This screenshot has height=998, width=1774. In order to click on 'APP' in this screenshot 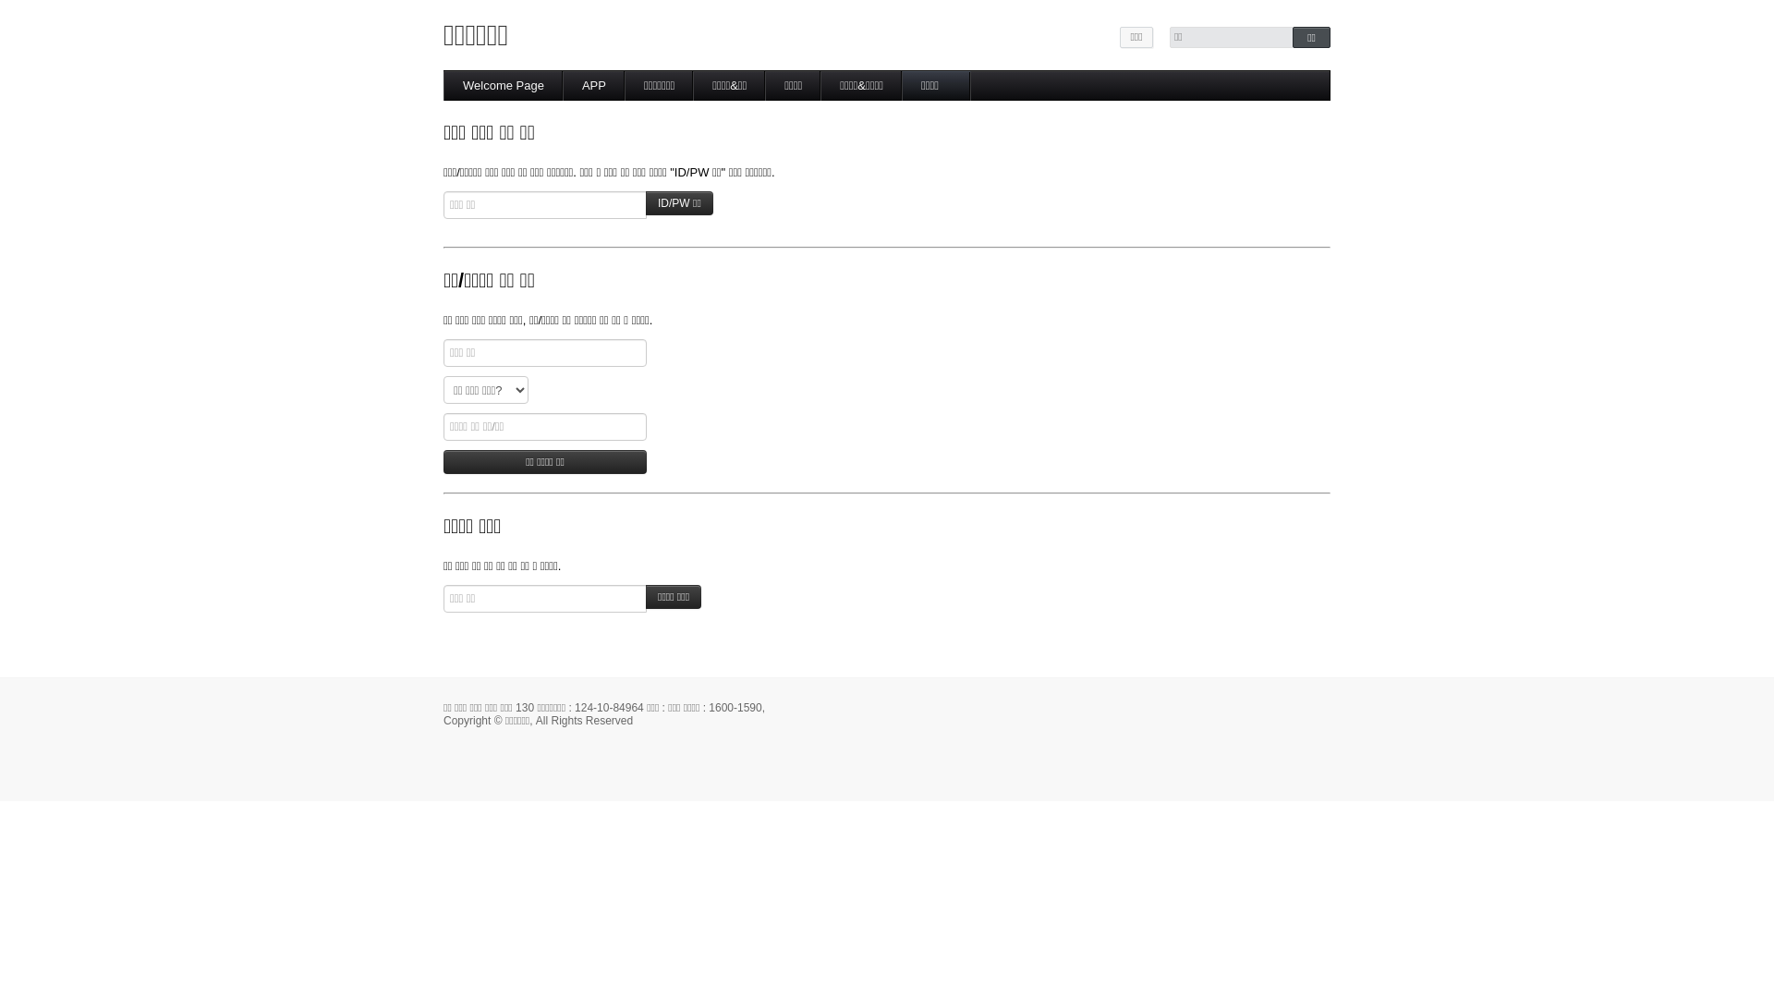, I will do `click(594, 85)`.